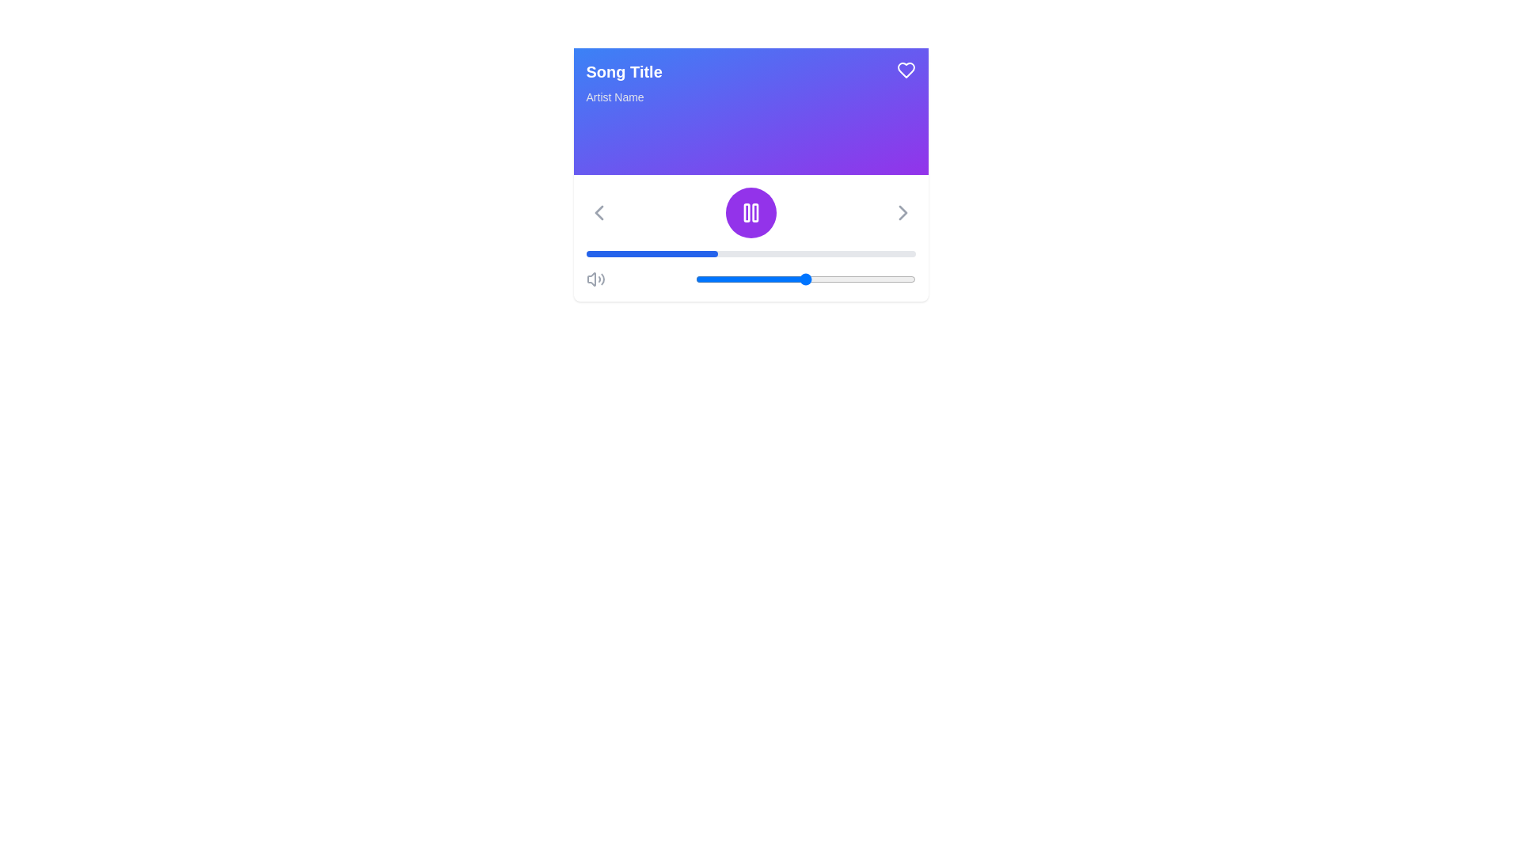 This screenshot has width=1520, height=855. What do you see at coordinates (754, 212) in the screenshot?
I see `the rightmost vertical rectangle with rounded corners inside the pause icon graphic, which is located centrally within the purple circular button` at bounding box center [754, 212].